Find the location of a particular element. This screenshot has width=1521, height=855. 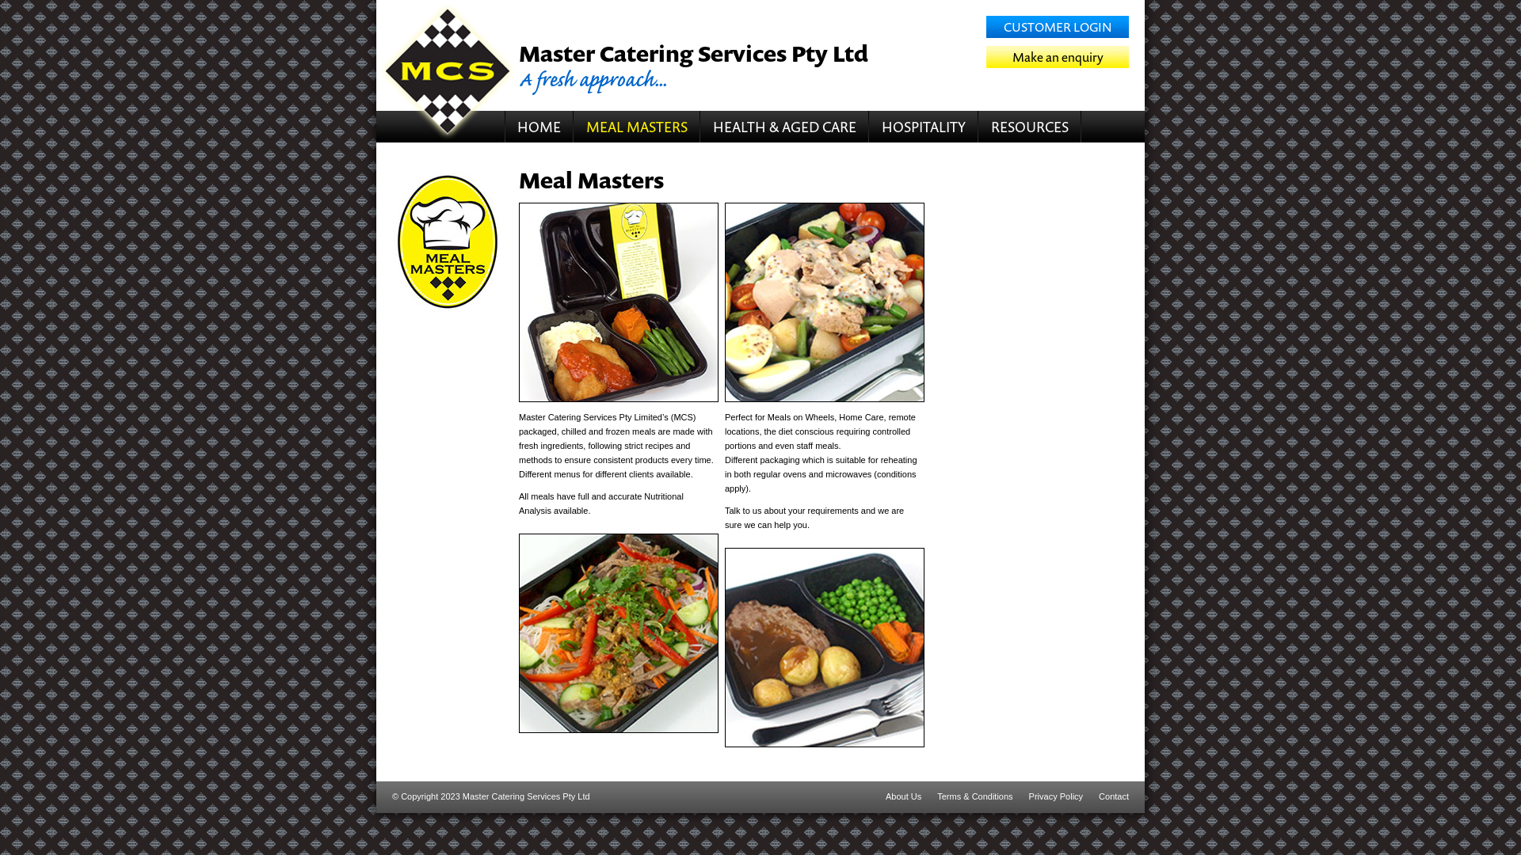

'MEAL MASTERS' is located at coordinates (636, 125).